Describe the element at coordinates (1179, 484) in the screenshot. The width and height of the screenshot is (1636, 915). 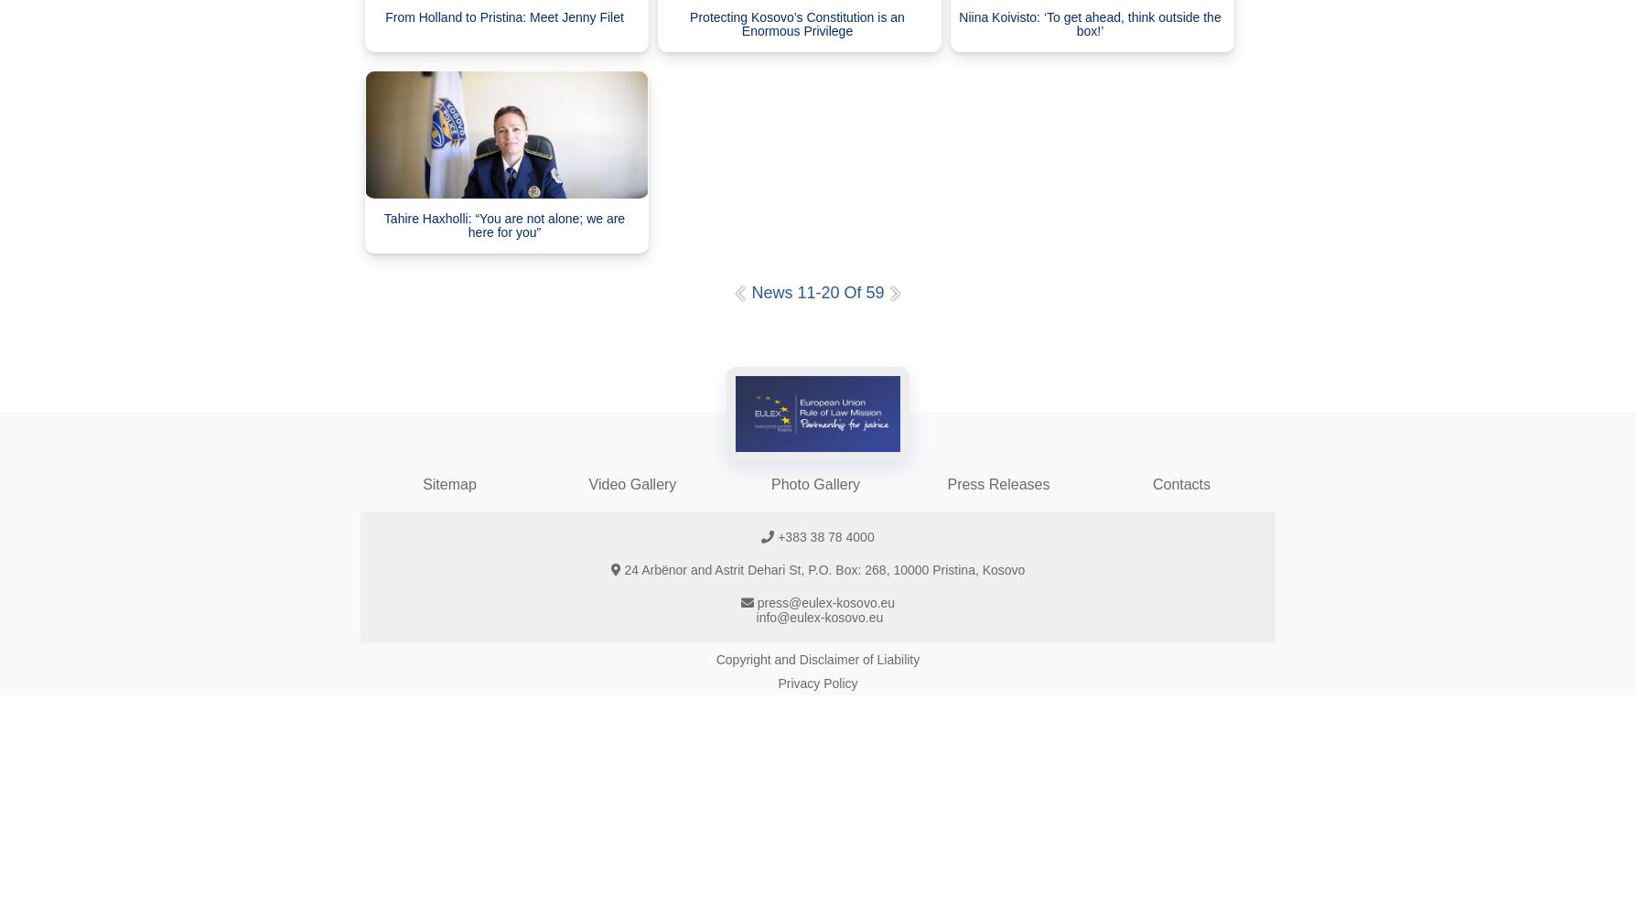
I see `'Contacts'` at that location.